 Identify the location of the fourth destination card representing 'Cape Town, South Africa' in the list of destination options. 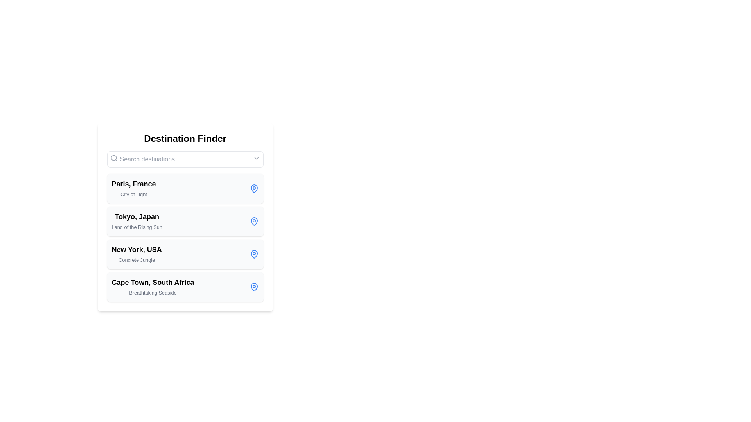
(185, 287).